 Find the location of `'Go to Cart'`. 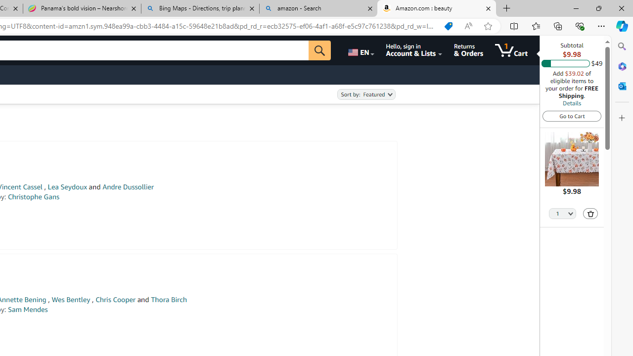

'Go to Cart' is located at coordinates (572, 115).